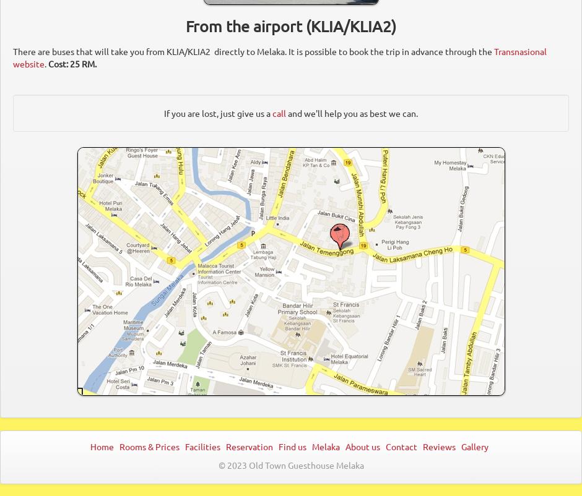  What do you see at coordinates (224, 445) in the screenshot?
I see `'Reservation'` at bounding box center [224, 445].